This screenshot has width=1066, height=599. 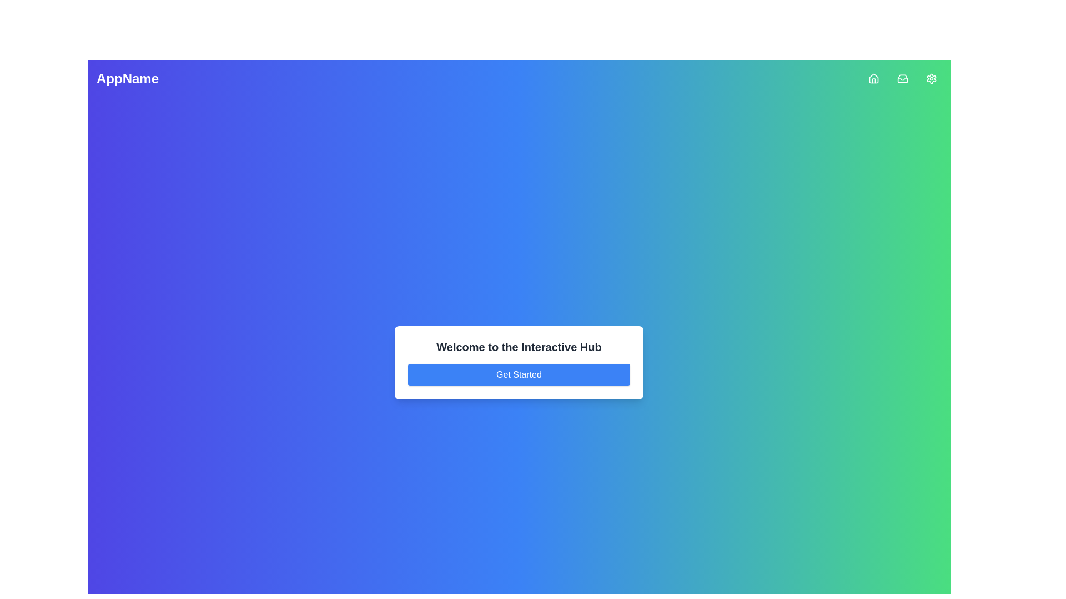 What do you see at coordinates (903, 78) in the screenshot?
I see `the inbox icon button located on the right-hand side of the header bar` at bounding box center [903, 78].